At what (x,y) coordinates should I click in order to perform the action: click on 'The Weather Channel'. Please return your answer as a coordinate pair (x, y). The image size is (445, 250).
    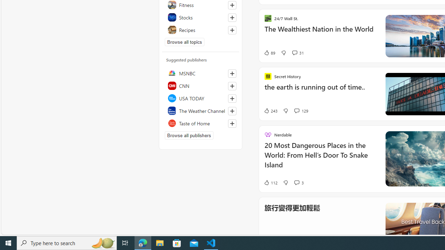
    Looking at the image, I should click on (200, 110).